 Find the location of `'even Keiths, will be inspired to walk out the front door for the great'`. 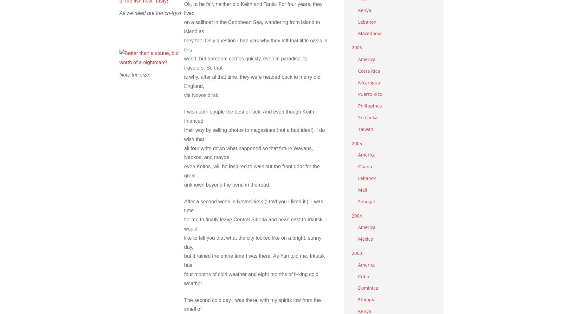

'even Keiths, will be inspired to walk out the front door for the great' is located at coordinates (252, 170).